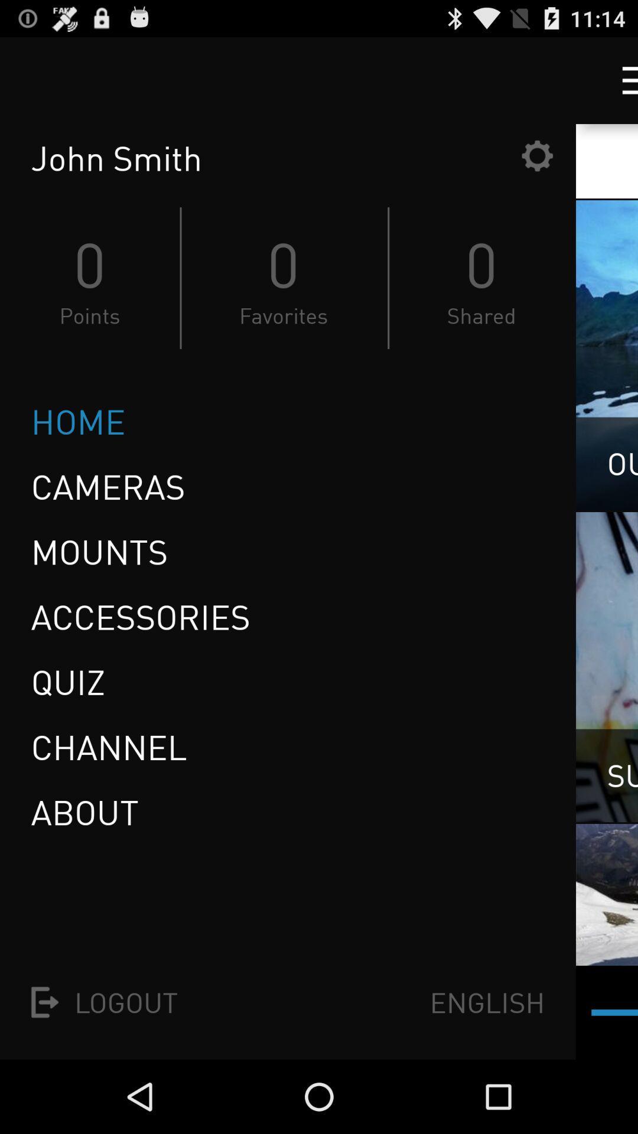 The width and height of the screenshot is (638, 1134). Describe the element at coordinates (537, 166) in the screenshot. I see `the settings icon` at that location.